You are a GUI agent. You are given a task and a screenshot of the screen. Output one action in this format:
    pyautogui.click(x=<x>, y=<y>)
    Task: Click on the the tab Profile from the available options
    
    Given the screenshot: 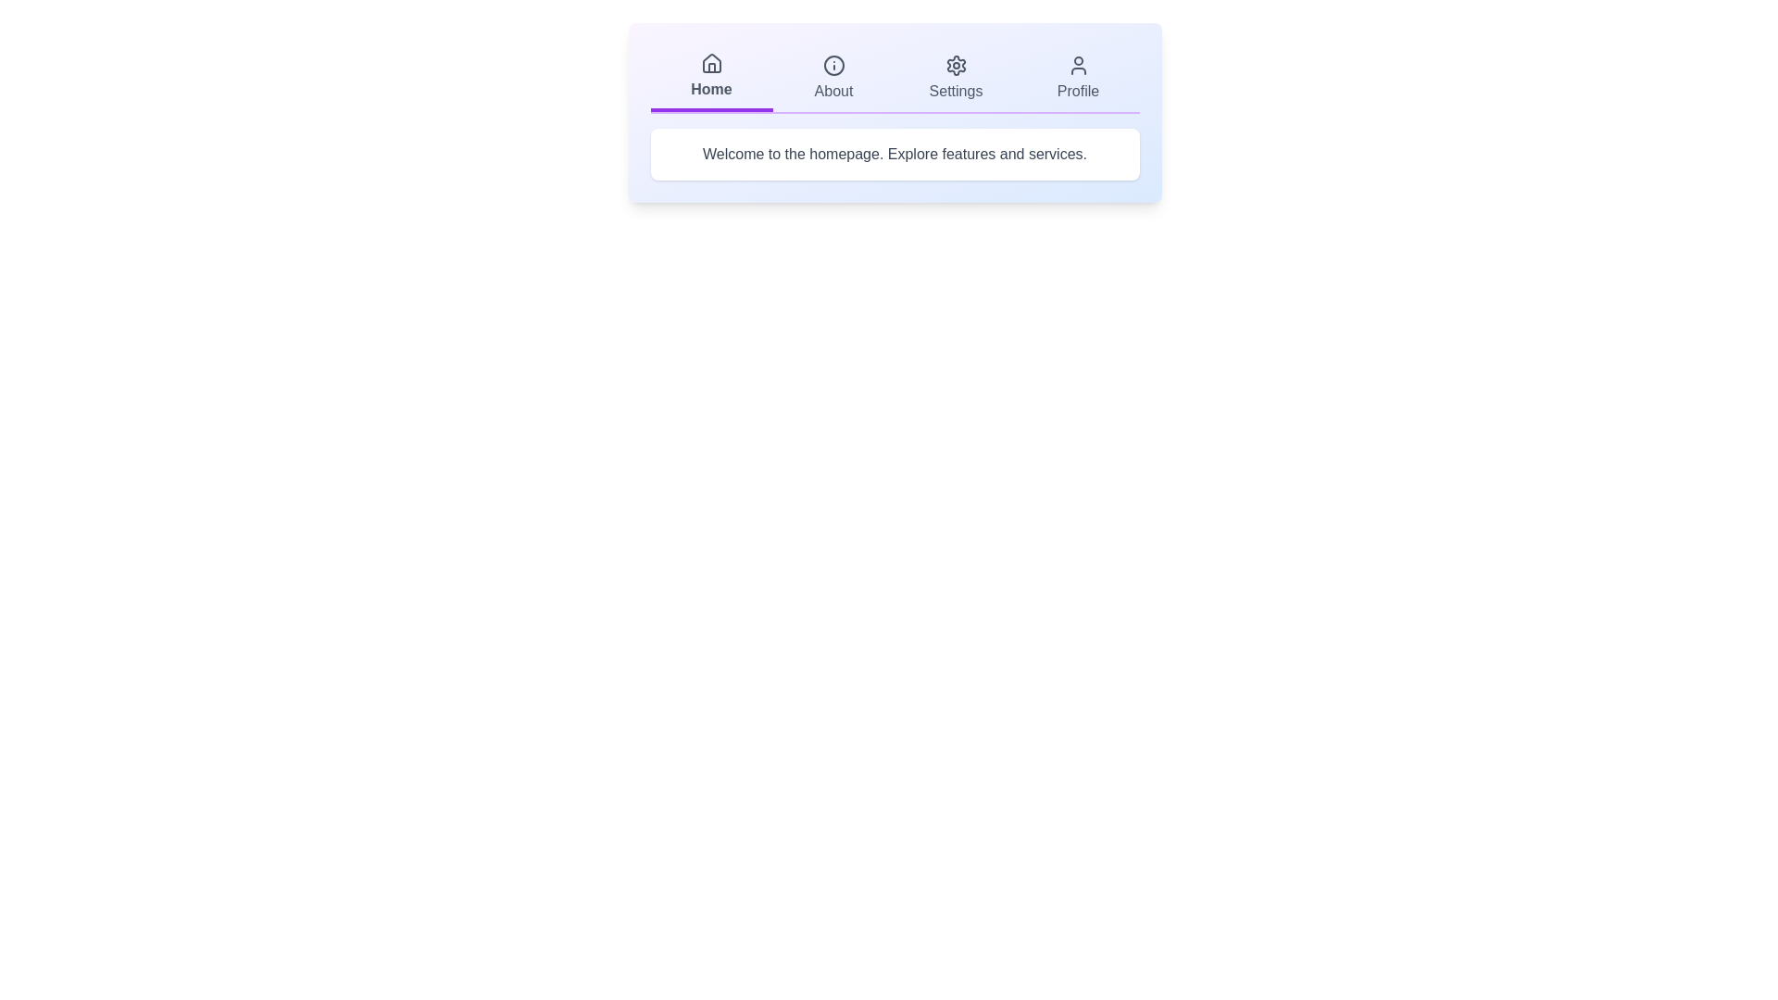 What is the action you would take?
    pyautogui.click(x=1078, y=77)
    